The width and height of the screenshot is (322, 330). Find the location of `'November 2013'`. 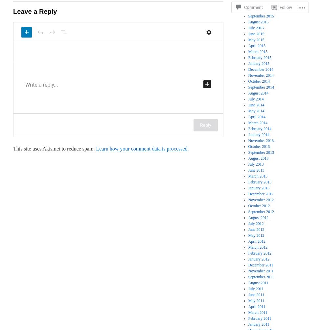

'November 2013' is located at coordinates (248, 140).